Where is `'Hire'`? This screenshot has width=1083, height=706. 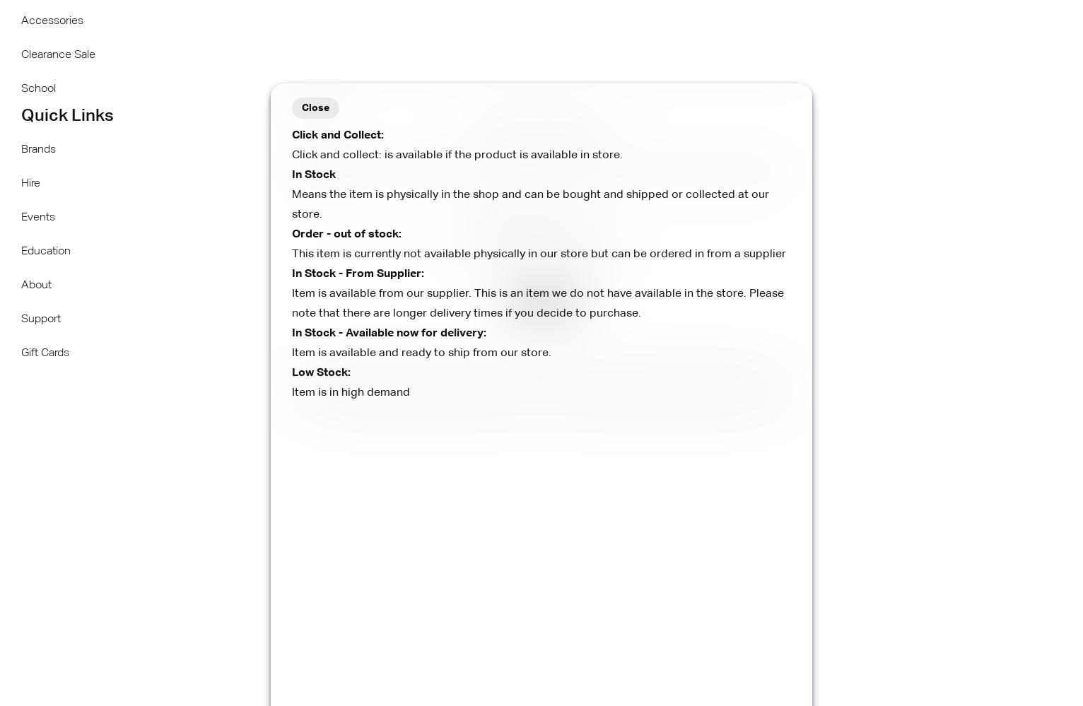
'Hire' is located at coordinates (30, 184).